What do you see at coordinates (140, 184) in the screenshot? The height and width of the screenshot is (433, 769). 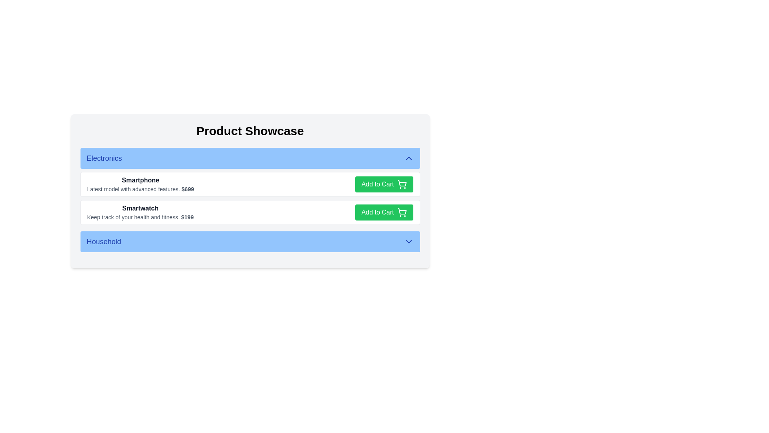 I see `the text-based informational component that describes the product, including its name, details, and cost, located in the first item under the 'Electronics' section of the product list` at bounding box center [140, 184].